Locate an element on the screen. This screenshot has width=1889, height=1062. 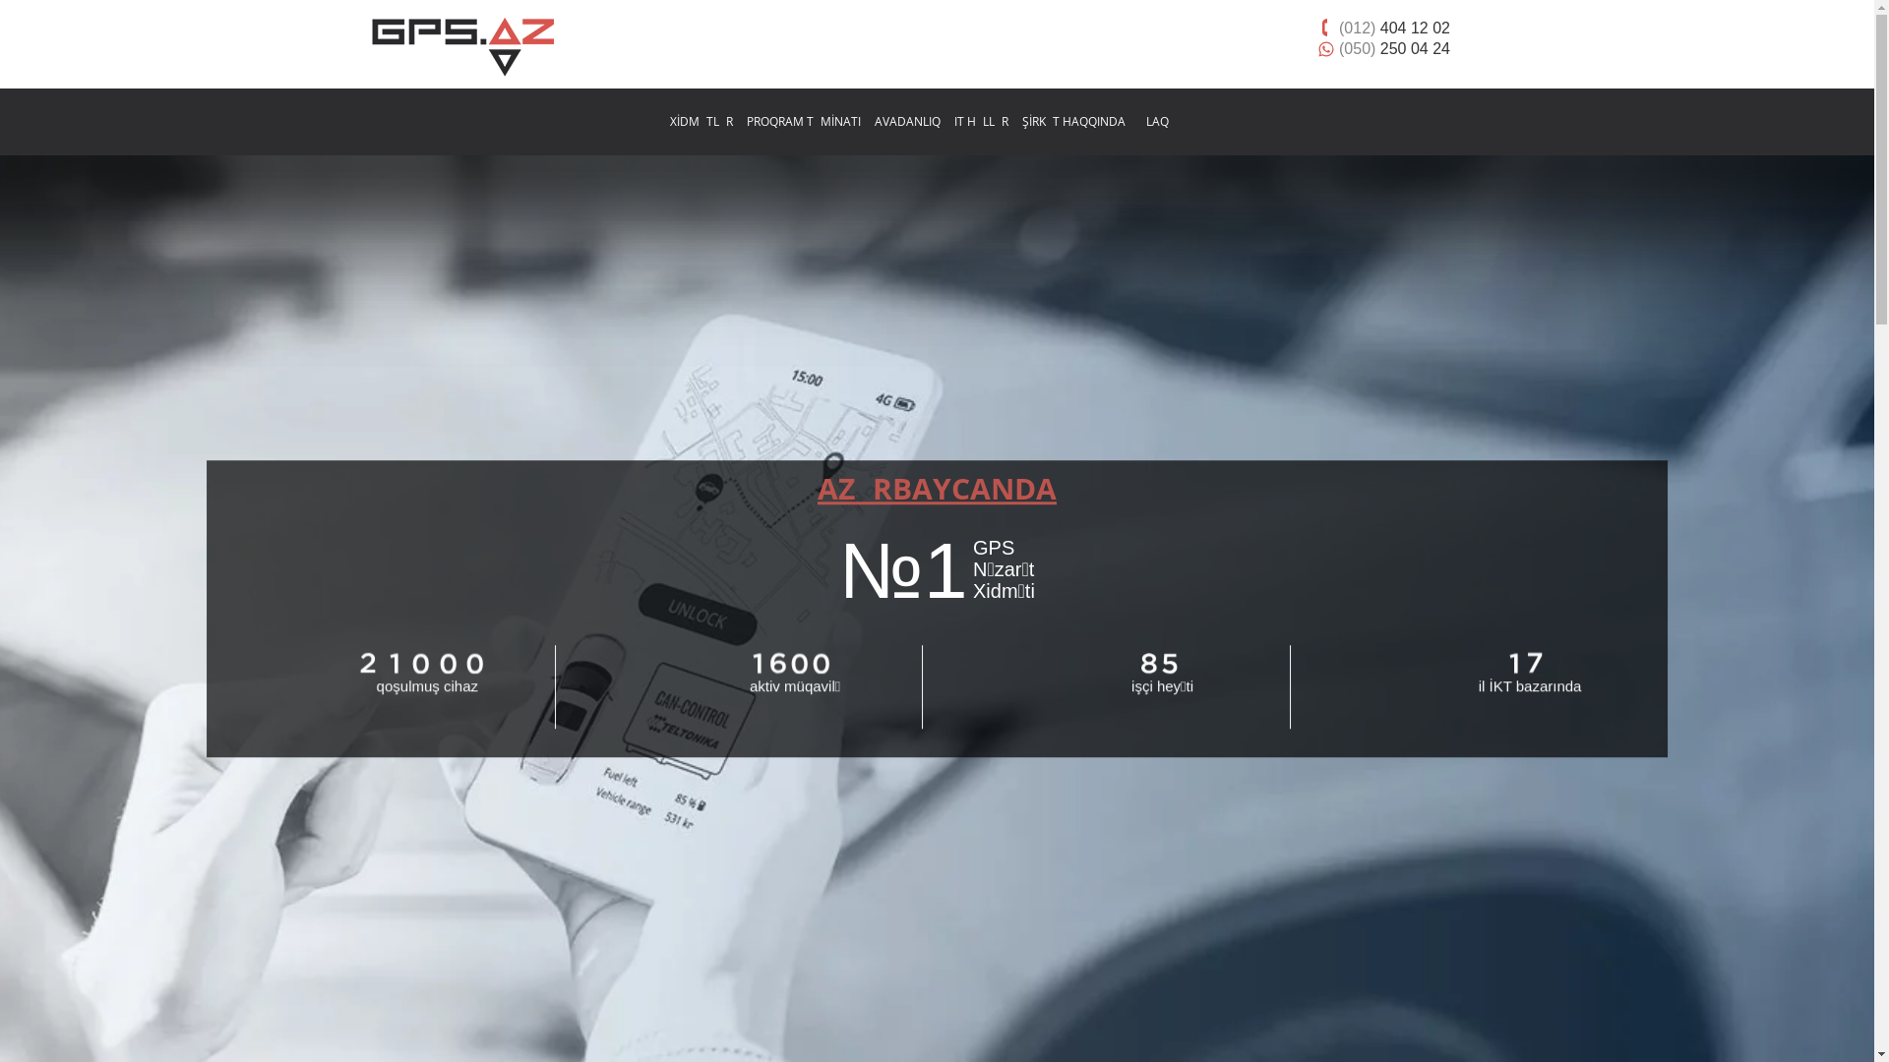
'(012) 404 12 02' is located at coordinates (1316, 28).